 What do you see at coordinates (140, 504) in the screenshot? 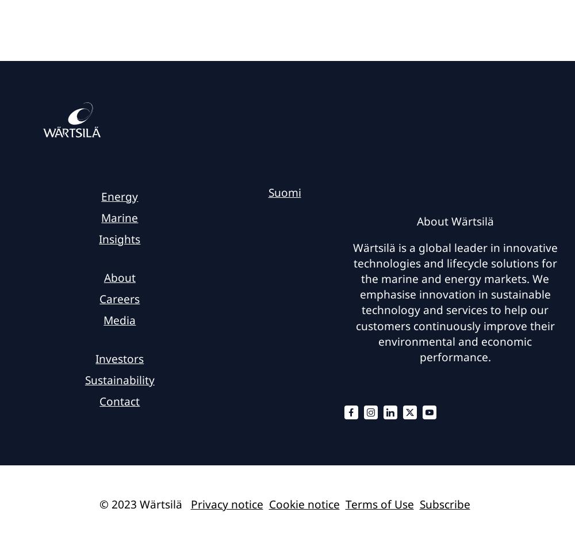
I see `'© 2023 Wärtsilä'` at bounding box center [140, 504].